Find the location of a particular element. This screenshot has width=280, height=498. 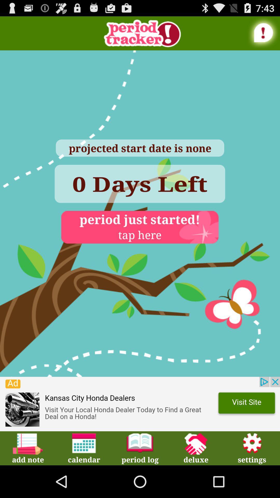

the warning icon is located at coordinates (264, 34).